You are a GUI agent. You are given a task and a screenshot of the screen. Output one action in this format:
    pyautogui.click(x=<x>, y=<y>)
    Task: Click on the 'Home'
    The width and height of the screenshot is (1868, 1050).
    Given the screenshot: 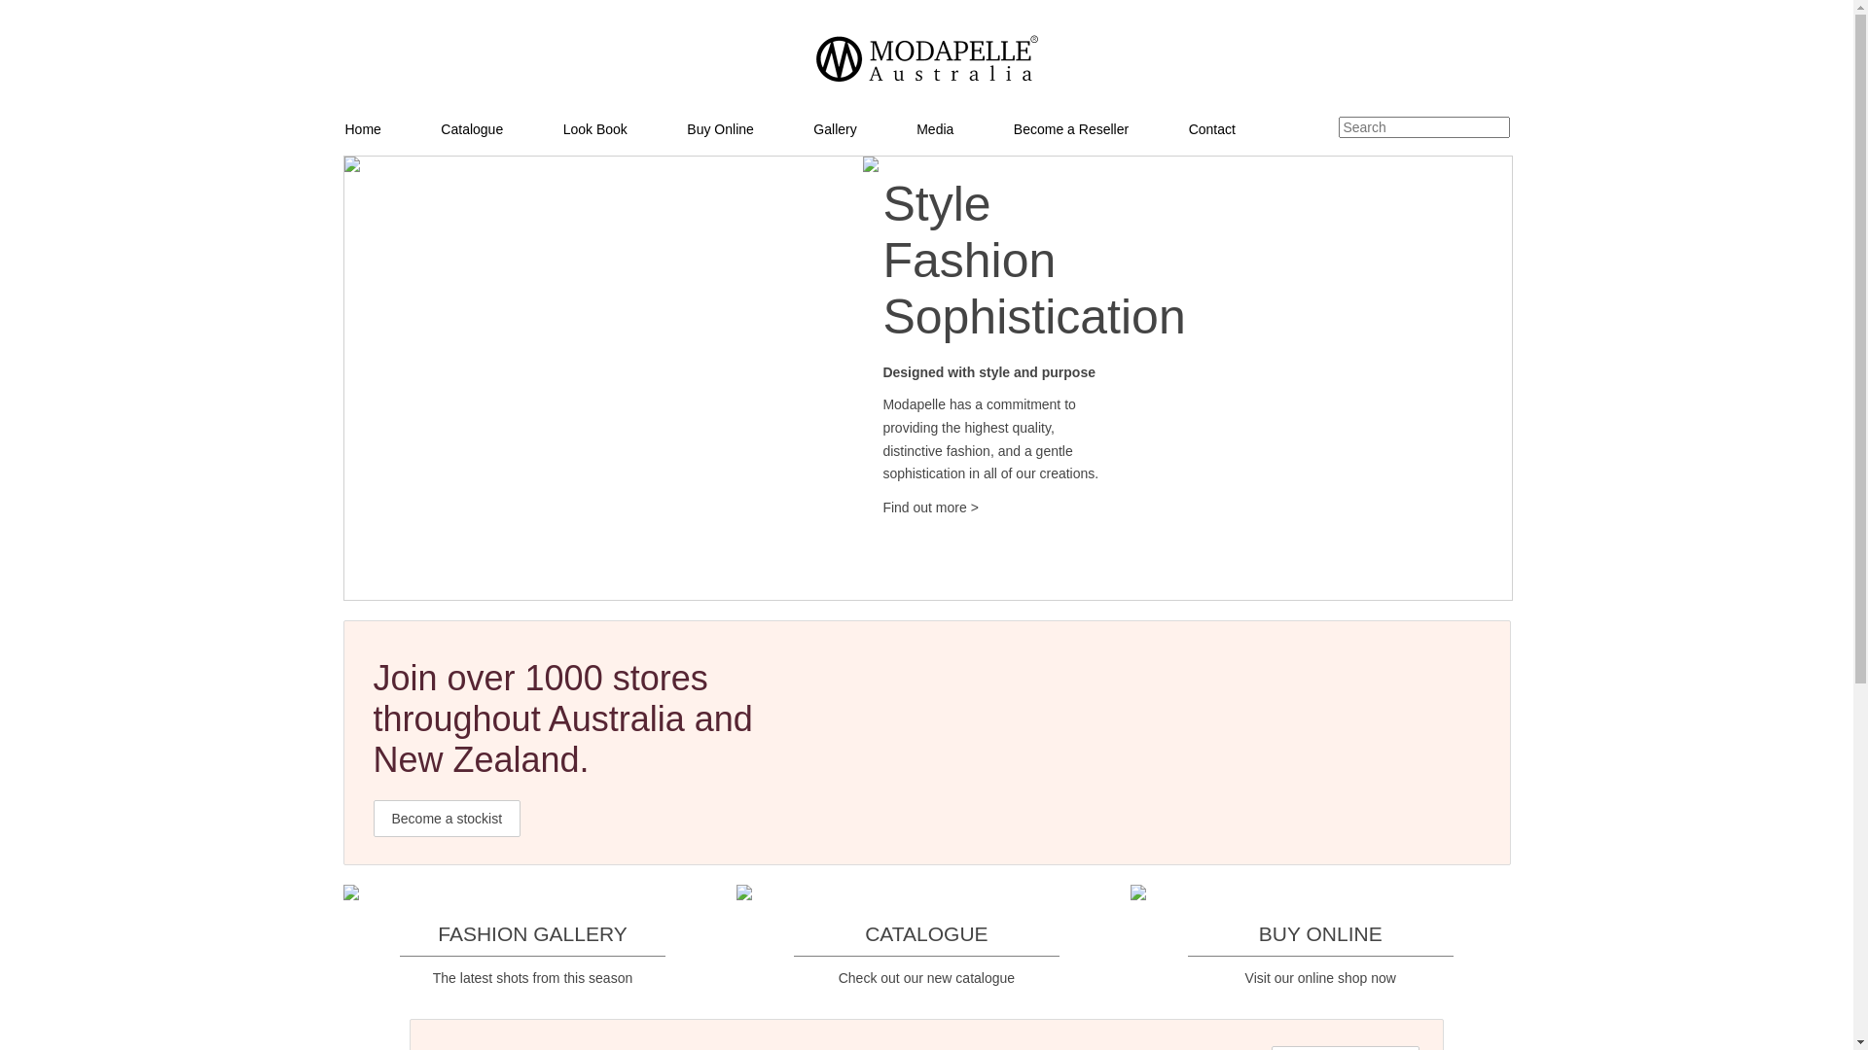 What is the action you would take?
    pyautogui.click(x=390, y=128)
    